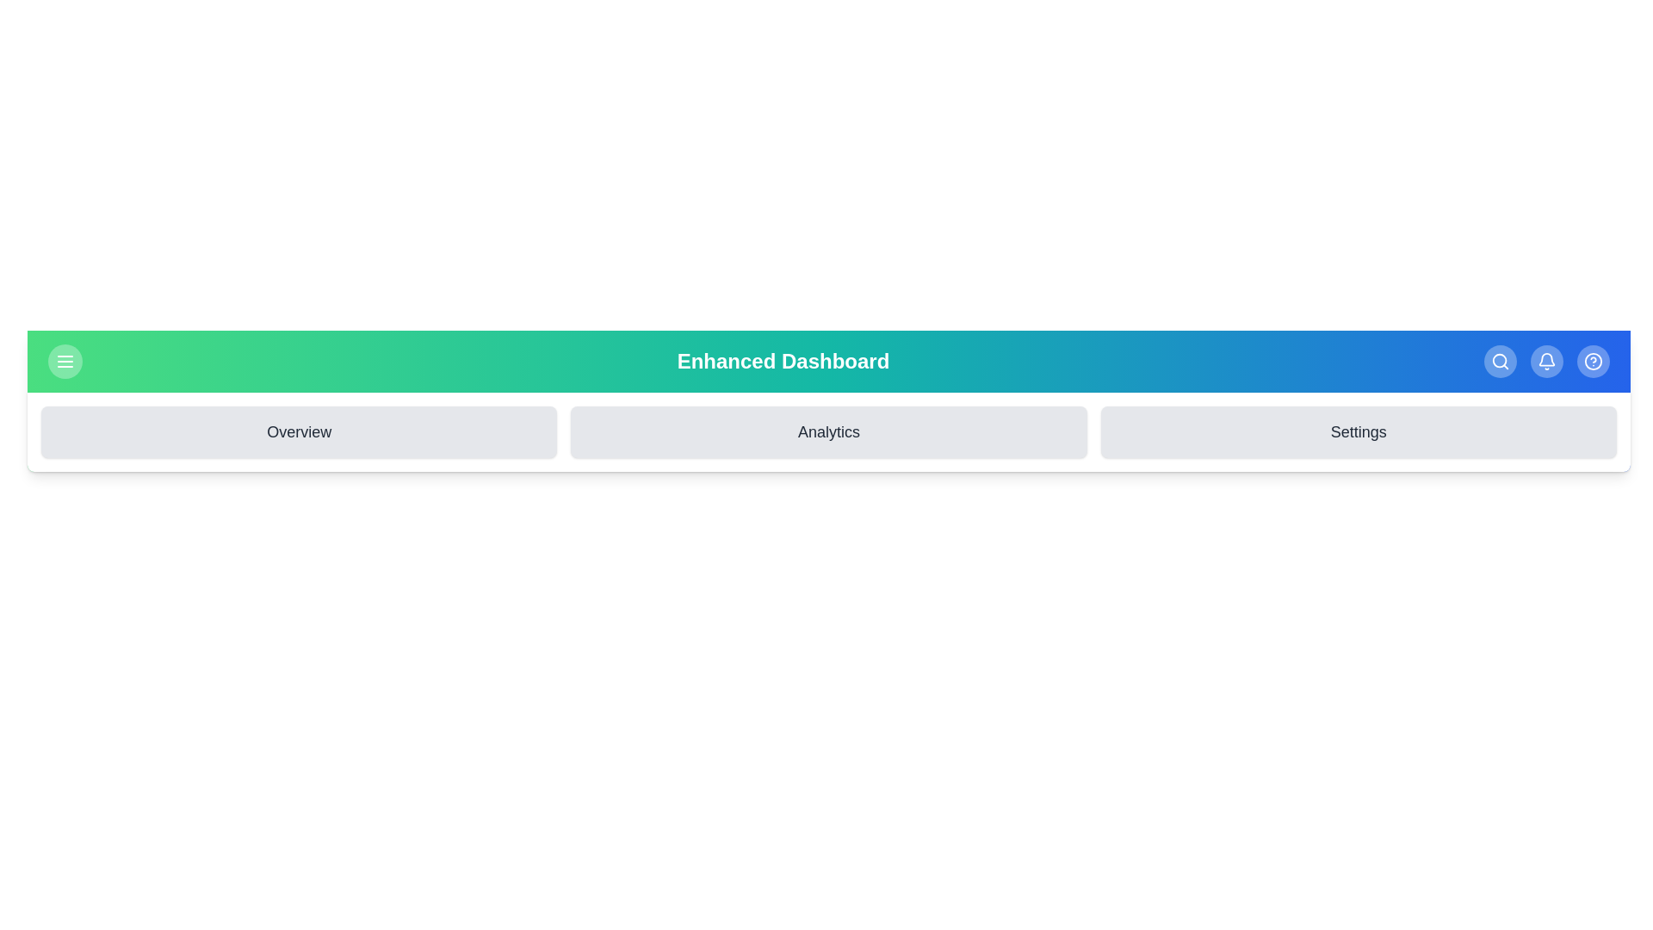  I want to click on the 'HelpCircle' button to access help or information, so click(1593, 361).